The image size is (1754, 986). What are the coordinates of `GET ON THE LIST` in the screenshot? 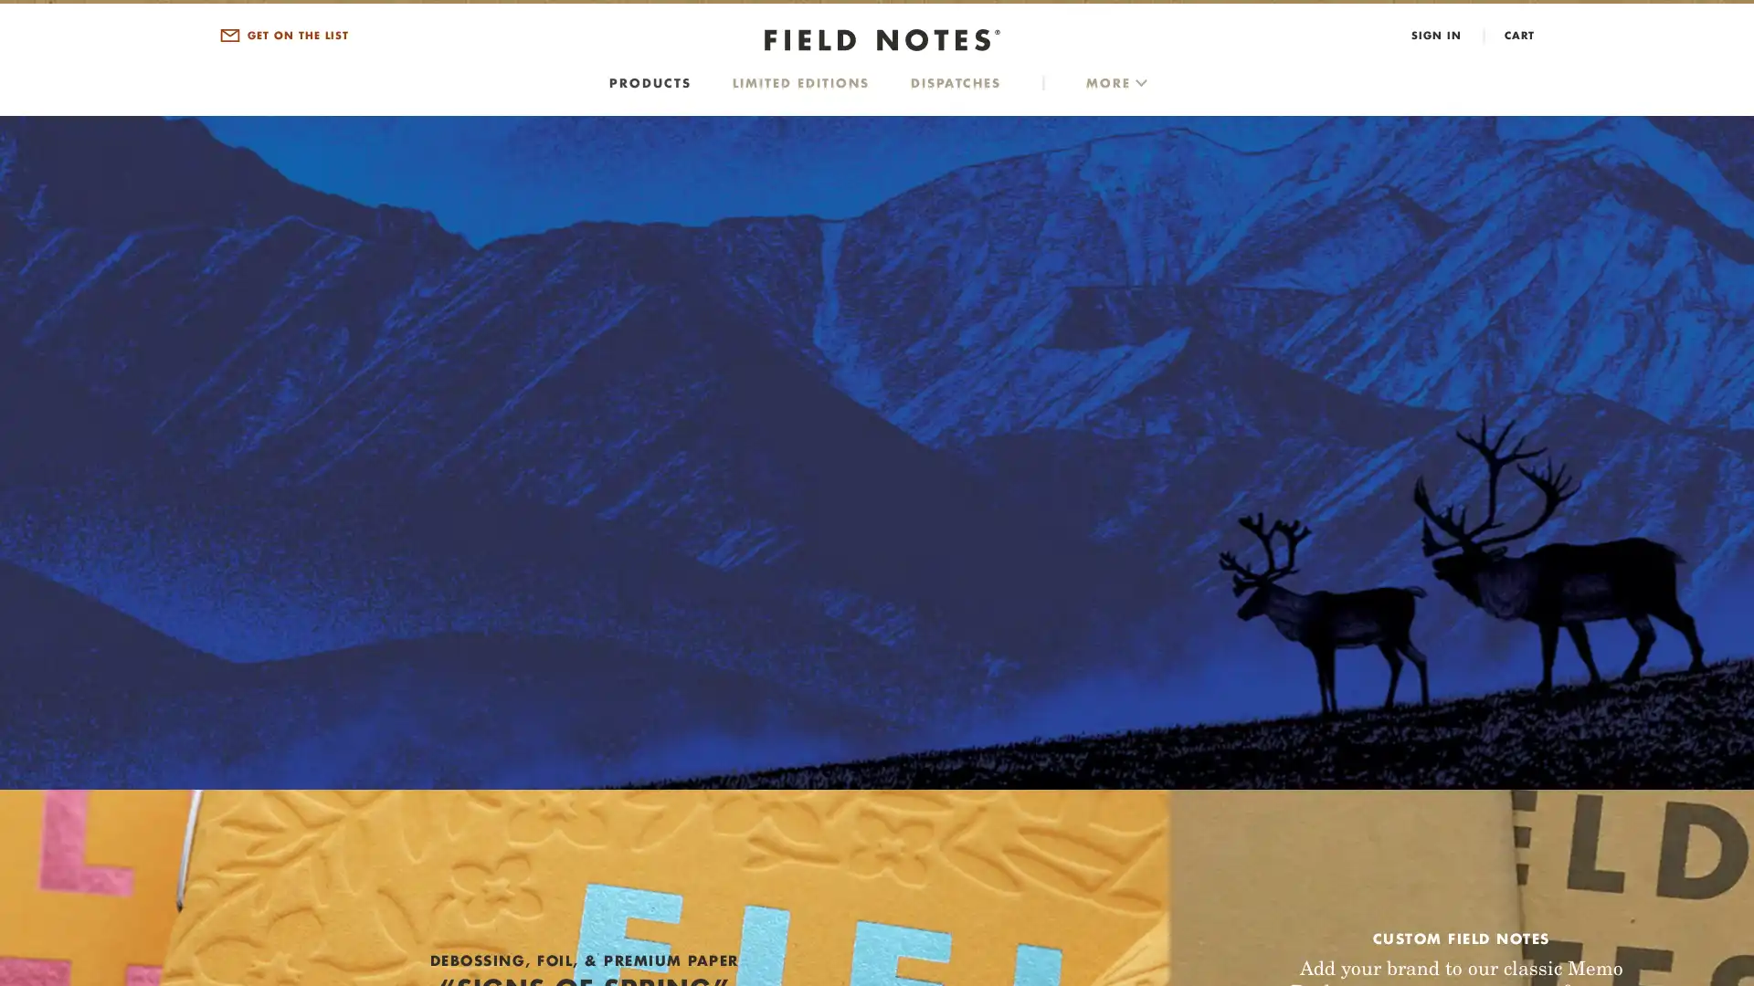 It's located at (283, 36).